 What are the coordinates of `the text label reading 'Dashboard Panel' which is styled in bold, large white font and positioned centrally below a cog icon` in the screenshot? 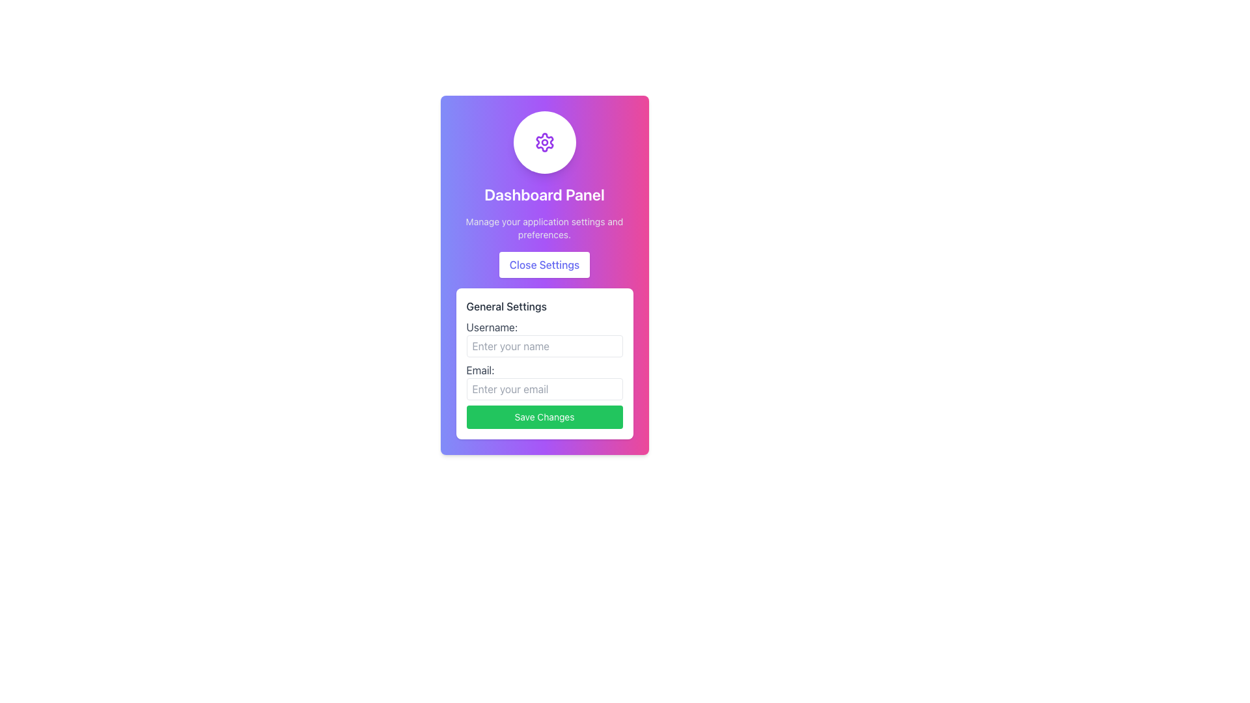 It's located at (544, 195).